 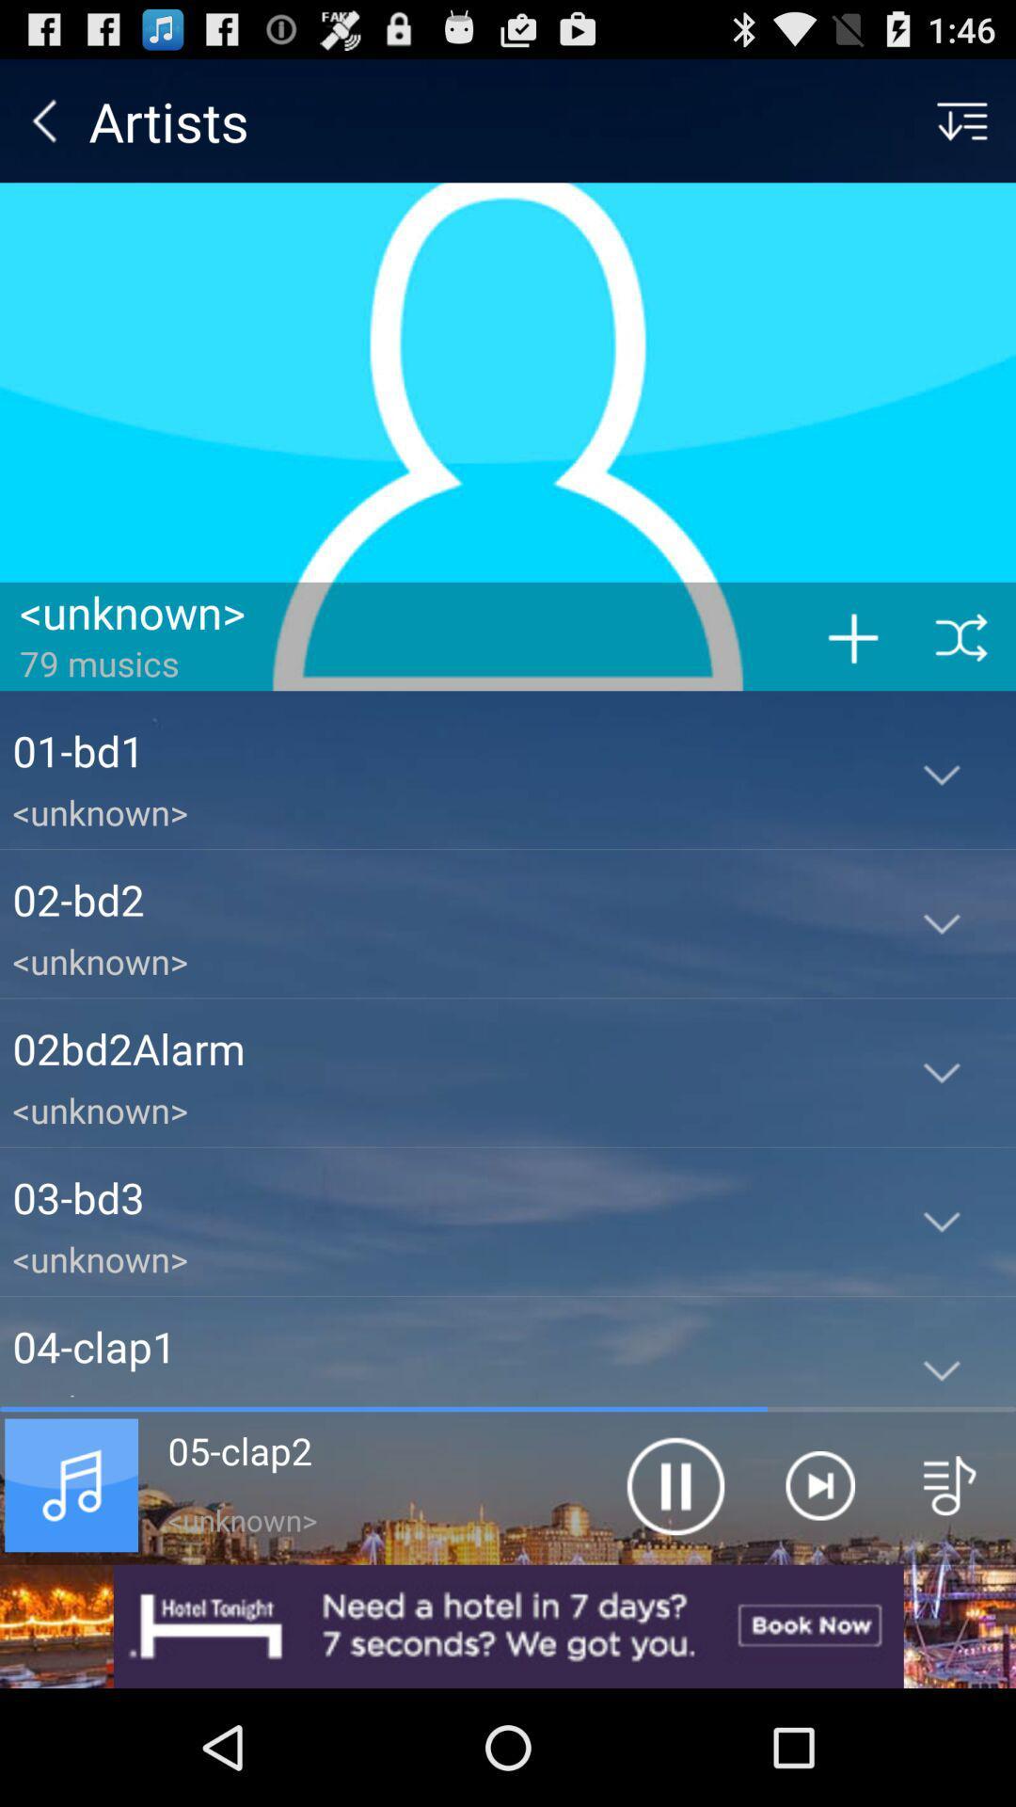 What do you see at coordinates (439, 898) in the screenshot?
I see `02-bd2 icon` at bounding box center [439, 898].